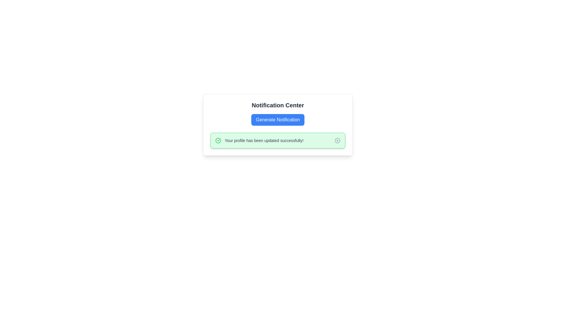 This screenshot has width=561, height=315. What do you see at coordinates (277, 141) in the screenshot?
I see `notification text displayed in the Notification Bar, which informs the user about the successful profile update` at bounding box center [277, 141].